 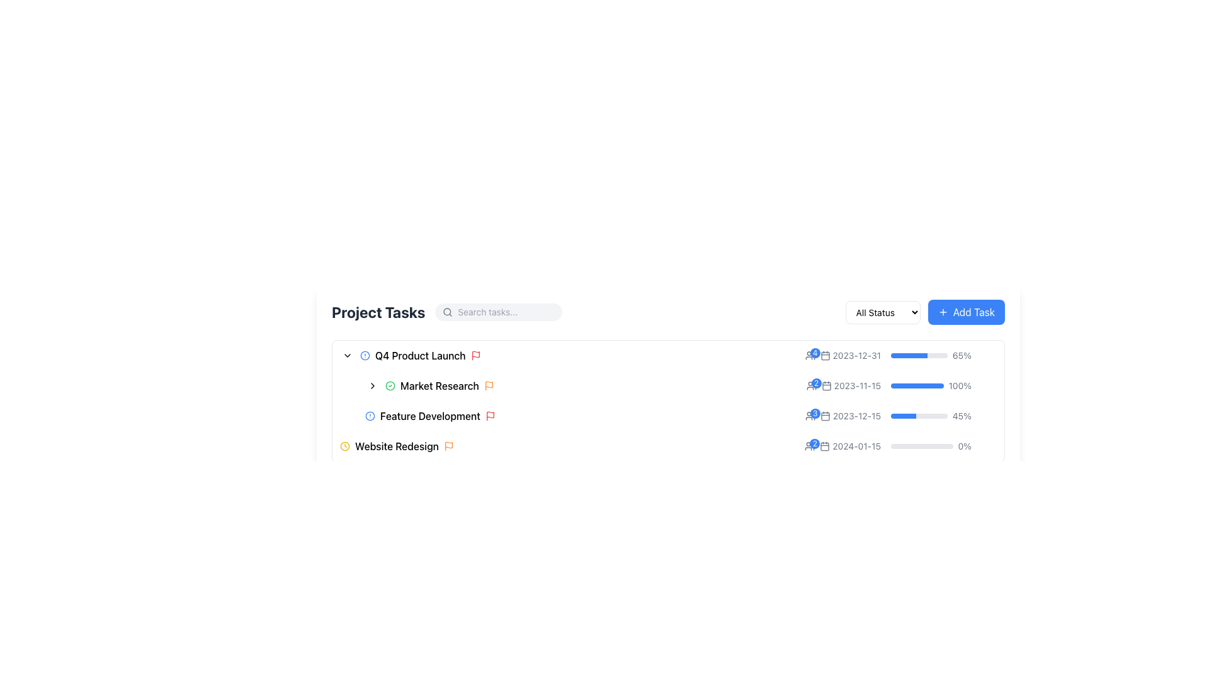 I want to click on the visual indicator within the calendar icon that signifies the due date, located on the third task in the task list, positioned to the right of the task name and left of the due date text, so click(x=825, y=356).